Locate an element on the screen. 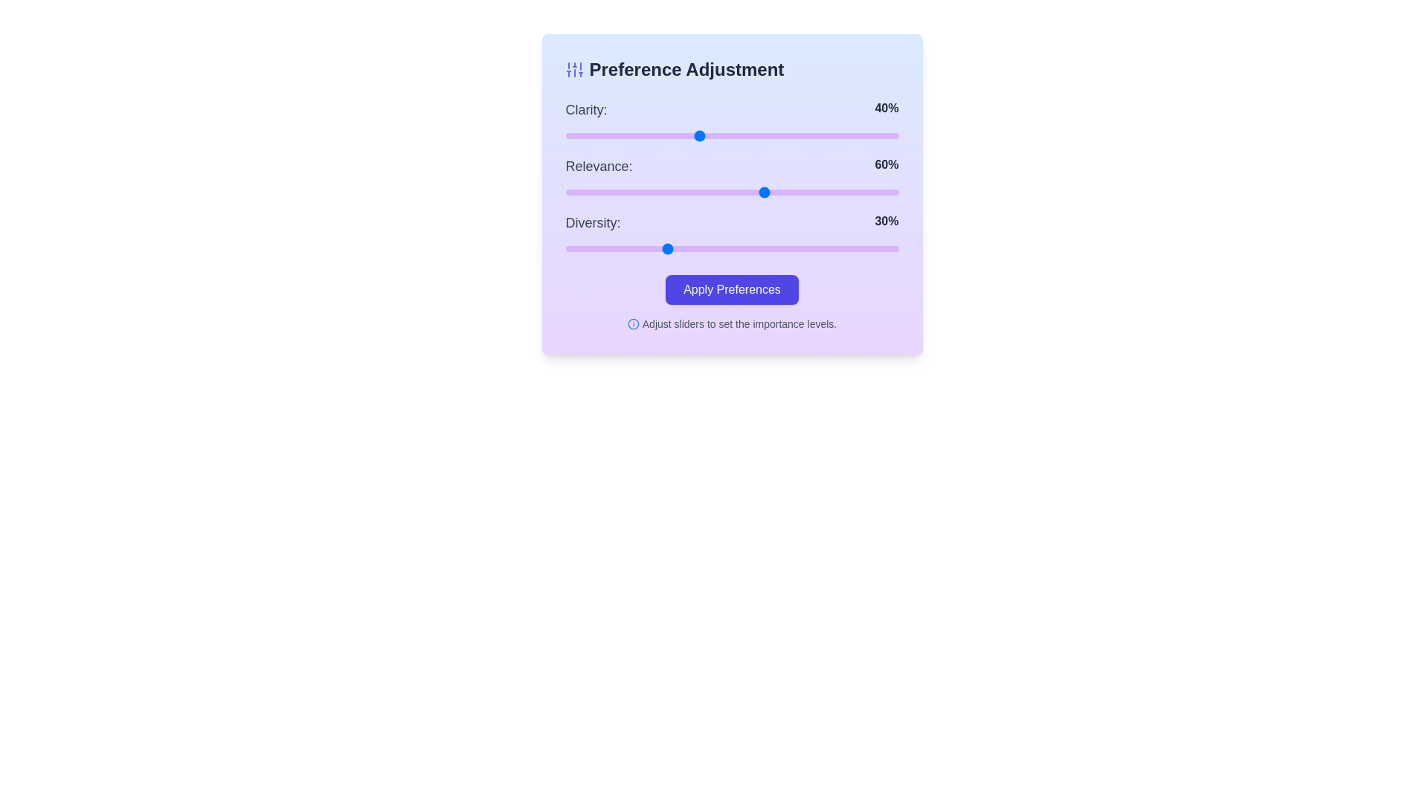  the 0 slider to 50% is located at coordinates (732, 135).